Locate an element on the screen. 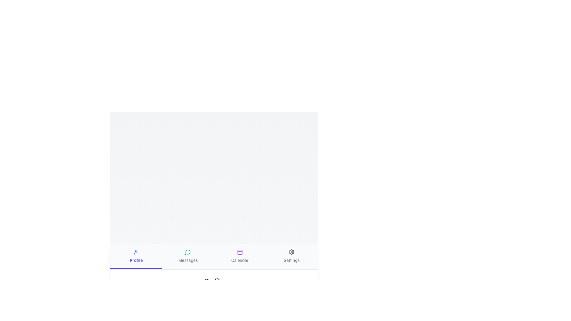  the settings icon located in the bottom navigation bar, aligned under the 'Settings' label on the far right is located at coordinates (291, 252).